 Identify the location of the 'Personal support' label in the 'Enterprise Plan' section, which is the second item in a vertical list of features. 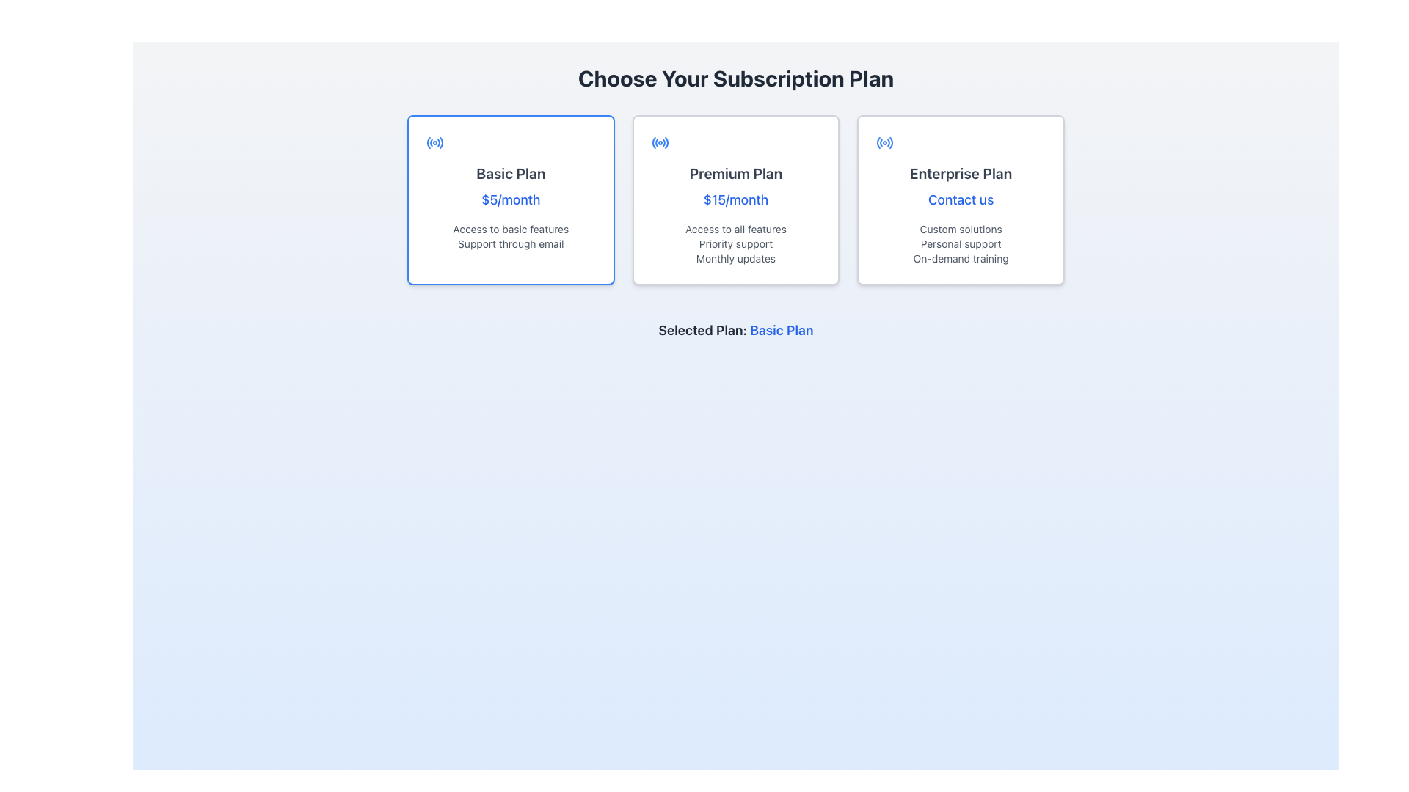
(961, 243).